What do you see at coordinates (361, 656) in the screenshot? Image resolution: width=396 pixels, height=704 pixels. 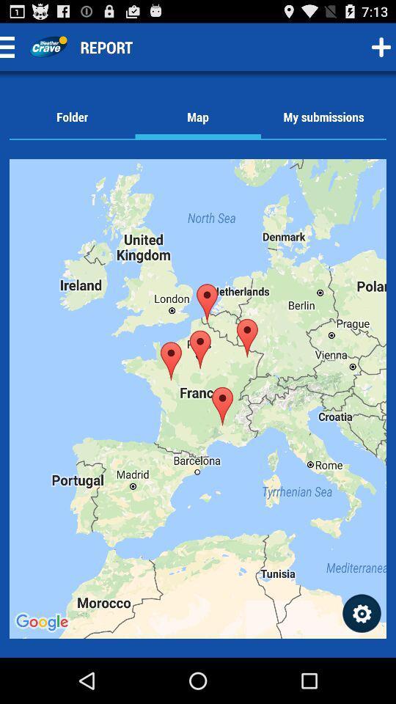 I see `the settings icon` at bounding box center [361, 656].